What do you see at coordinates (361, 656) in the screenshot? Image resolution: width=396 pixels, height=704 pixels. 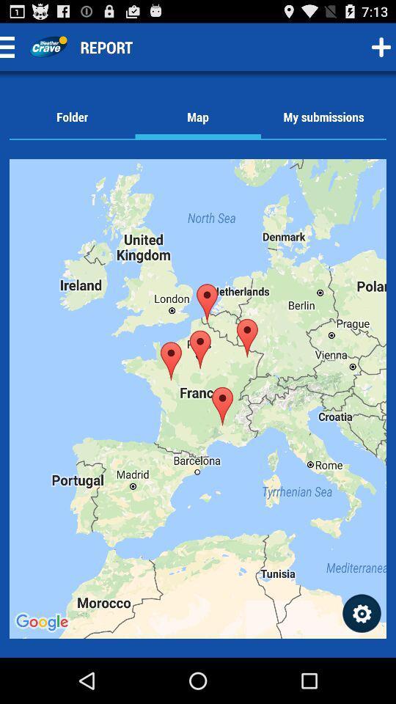 I see `the settings icon` at bounding box center [361, 656].